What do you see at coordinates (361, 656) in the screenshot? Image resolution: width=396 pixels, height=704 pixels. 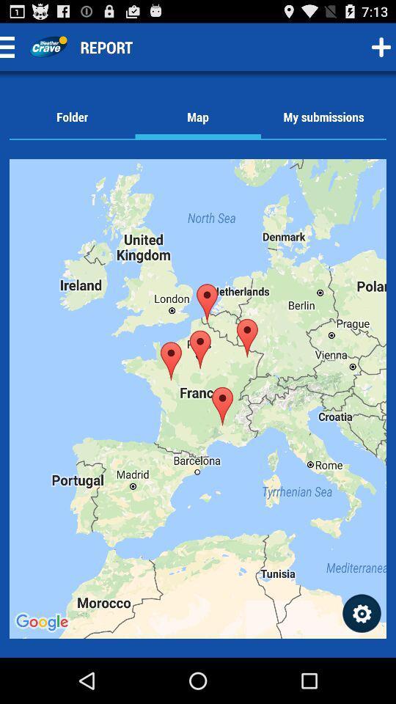 I see `the settings icon` at bounding box center [361, 656].